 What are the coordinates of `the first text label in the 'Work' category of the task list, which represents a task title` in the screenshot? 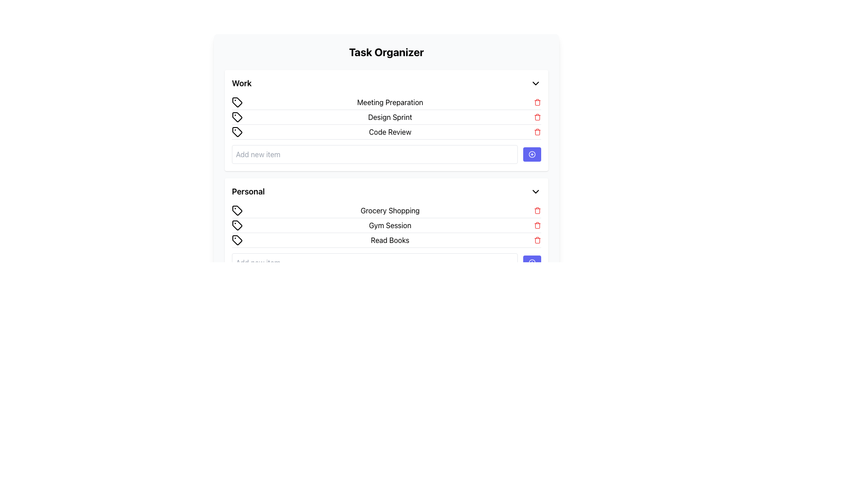 It's located at (390, 101).